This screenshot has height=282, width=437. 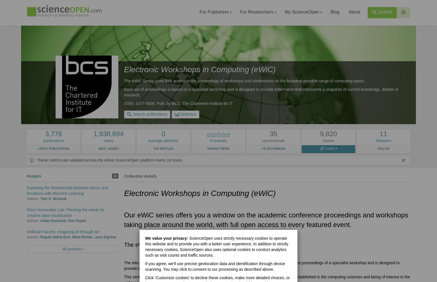 What do you see at coordinates (383, 140) in the screenshot?
I see `'followers'` at bounding box center [383, 140].